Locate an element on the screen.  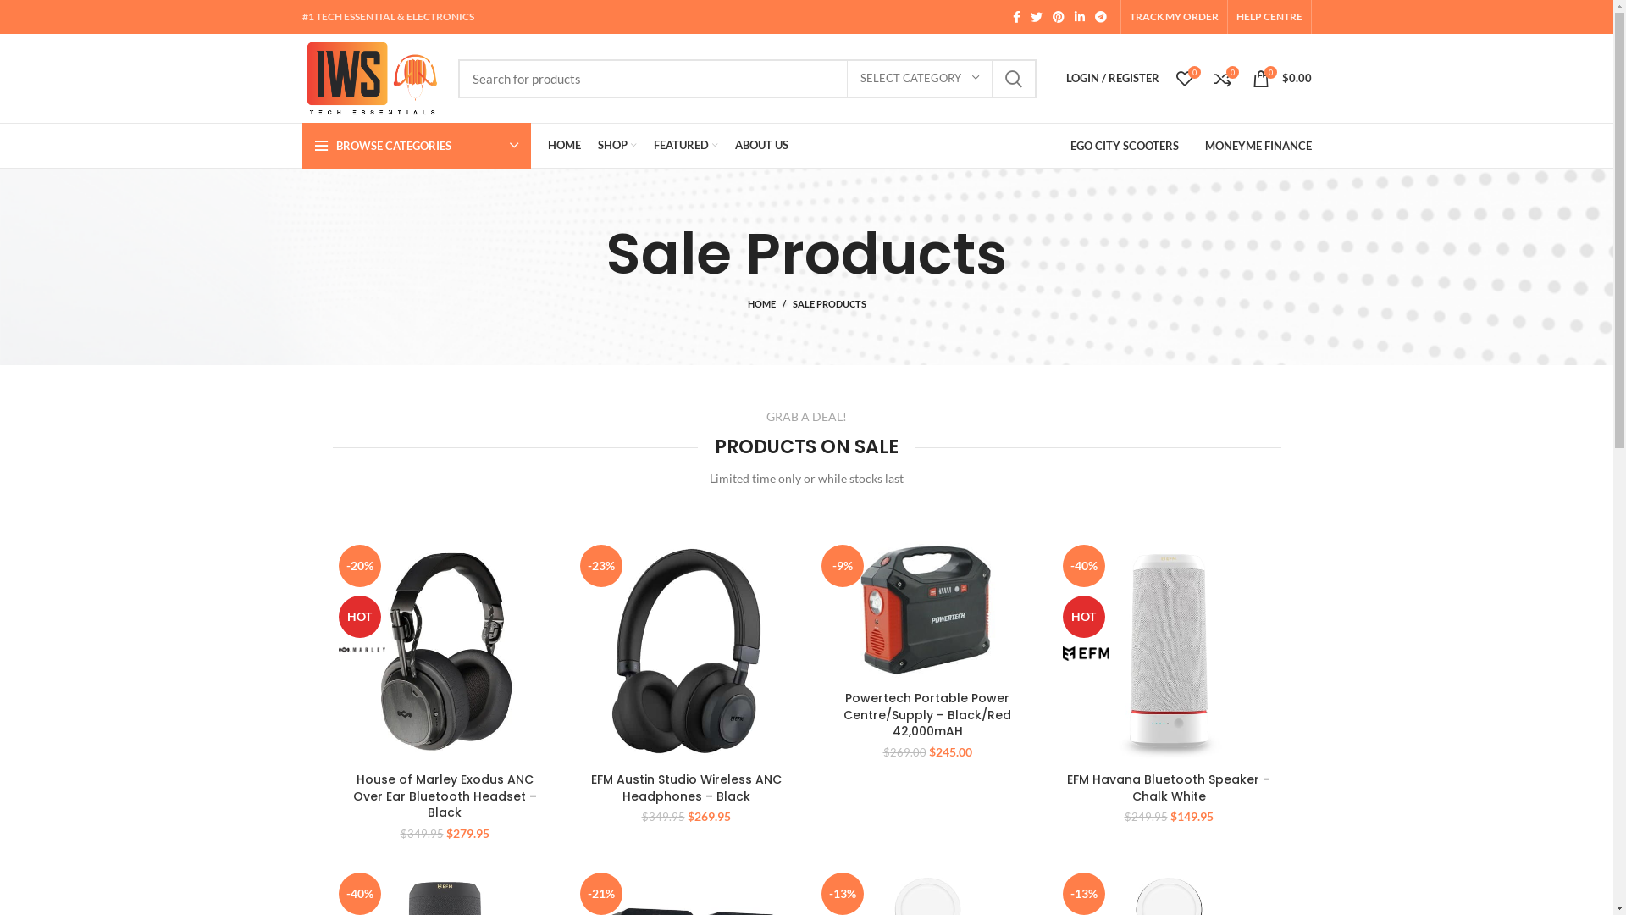
'HOME' is located at coordinates (537, 145).